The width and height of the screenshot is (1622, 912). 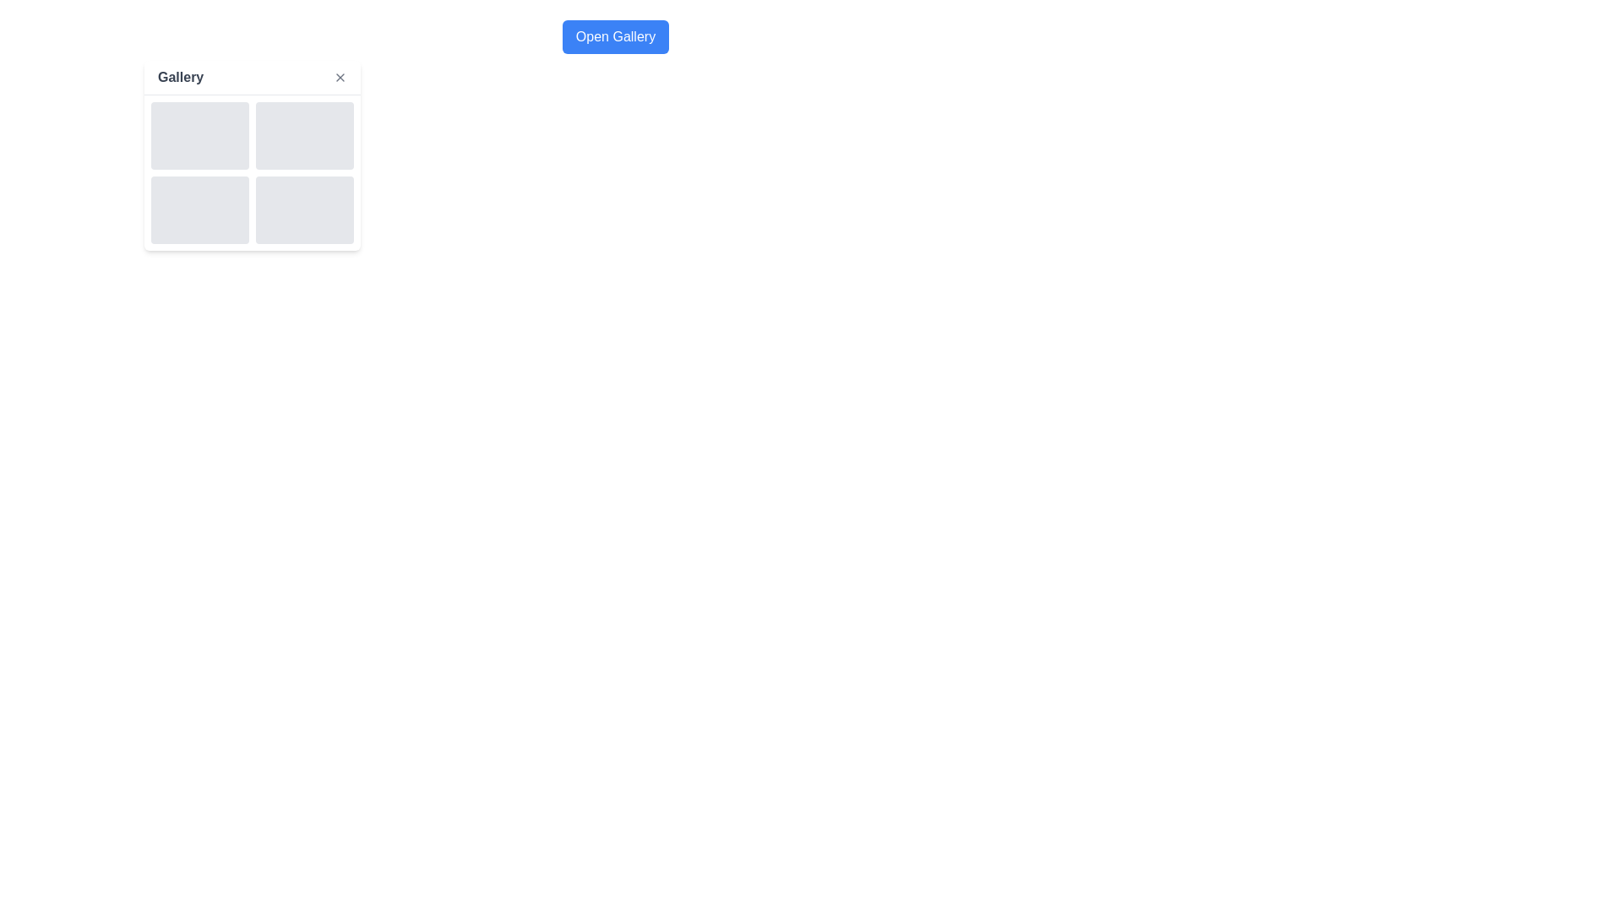 What do you see at coordinates (304, 135) in the screenshot?
I see `the light gray rectangular Placeholder block with rounded corners located in the top-right position of a 2x2 grid layout` at bounding box center [304, 135].